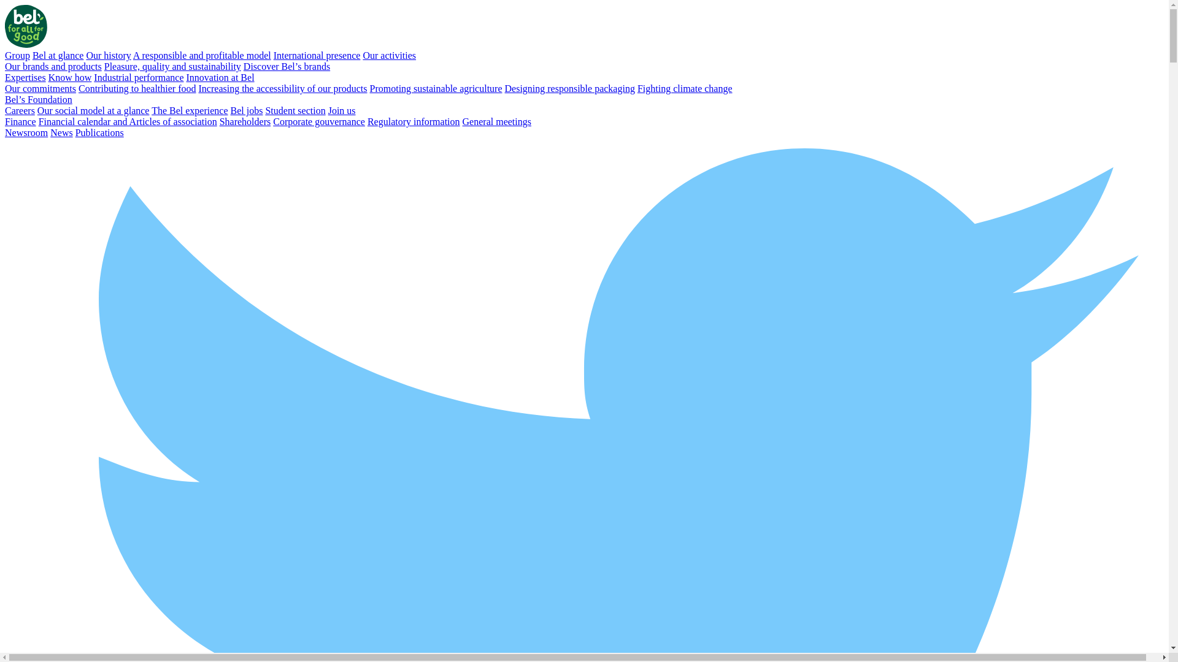  What do you see at coordinates (245, 121) in the screenshot?
I see `'Shareholders'` at bounding box center [245, 121].